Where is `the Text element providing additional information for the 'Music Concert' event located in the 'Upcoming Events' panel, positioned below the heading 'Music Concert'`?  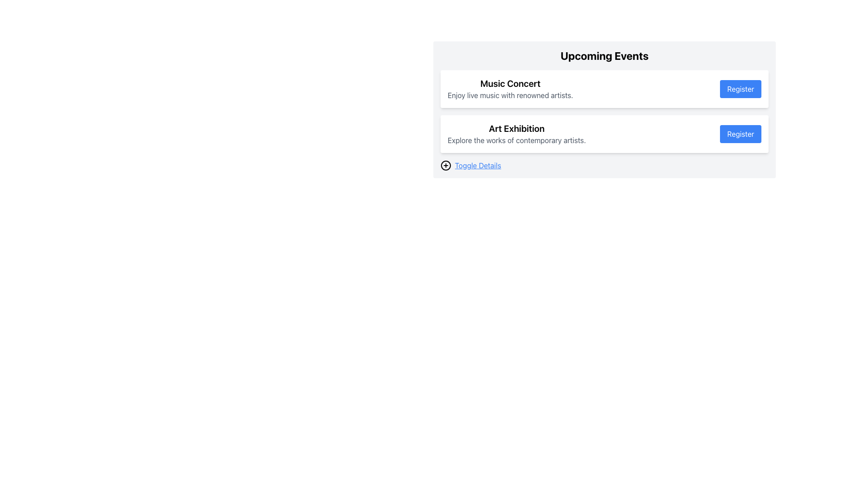 the Text element providing additional information for the 'Music Concert' event located in the 'Upcoming Events' panel, positioned below the heading 'Music Concert' is located at coordinates (510, 95).